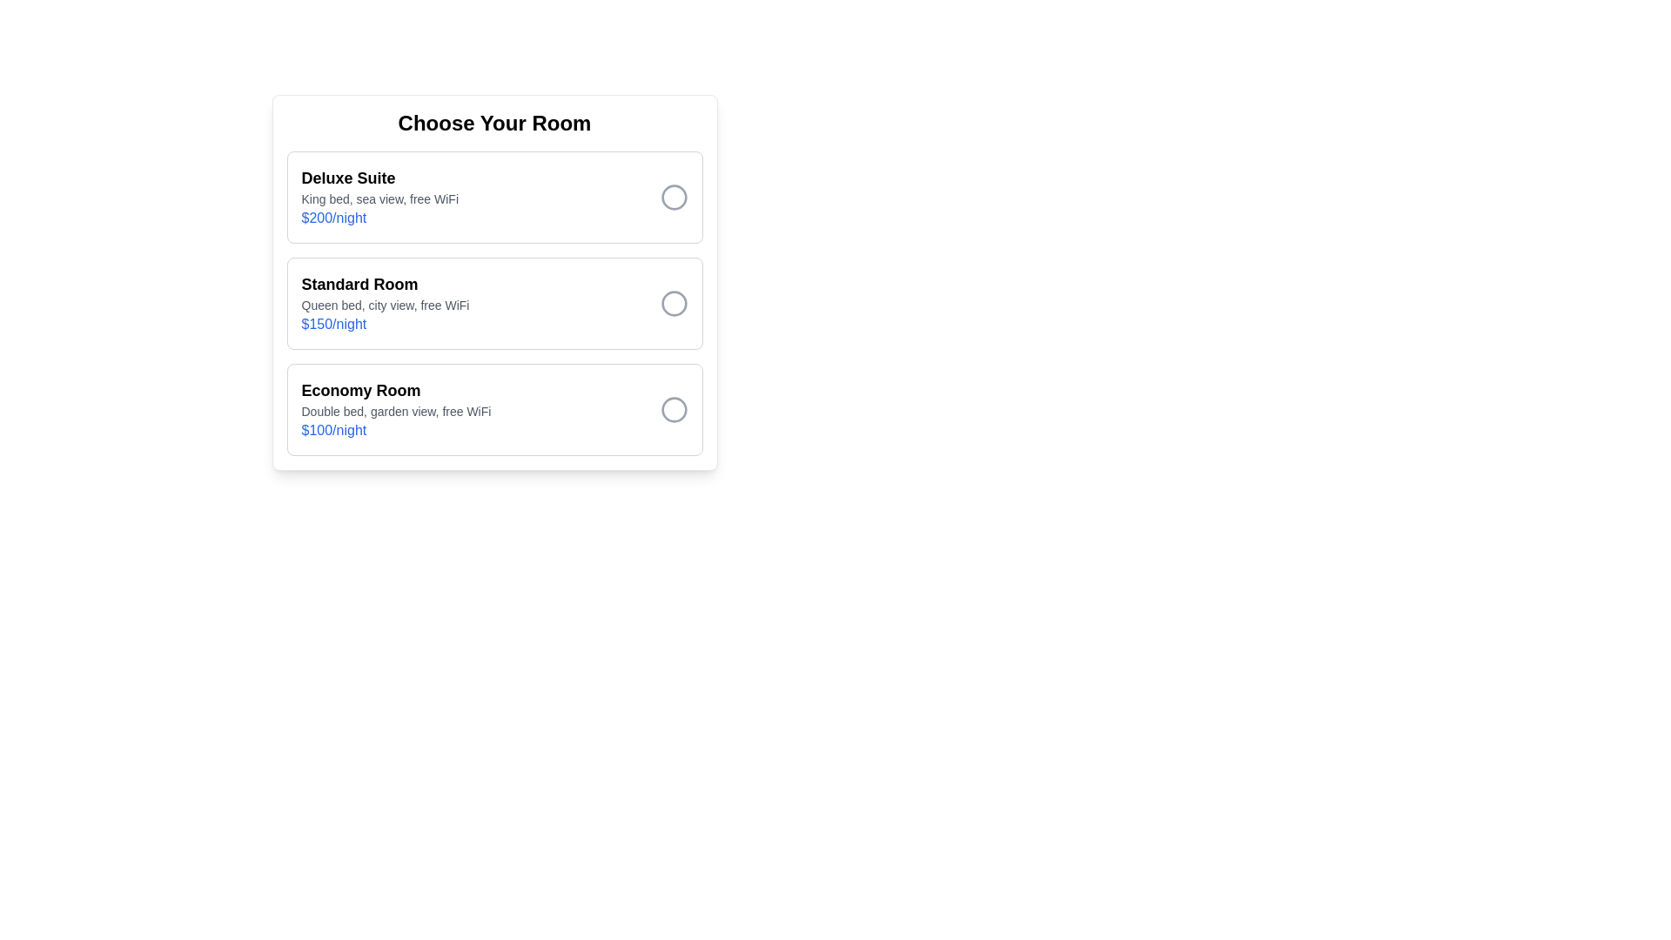 The image size is (1671, 940). Describe the element at coordinates (395, 412) in the screenshot. I see `the descriptive information text display for the 'Economy Room' option, which details bed type, view, and available amenities` at that location.